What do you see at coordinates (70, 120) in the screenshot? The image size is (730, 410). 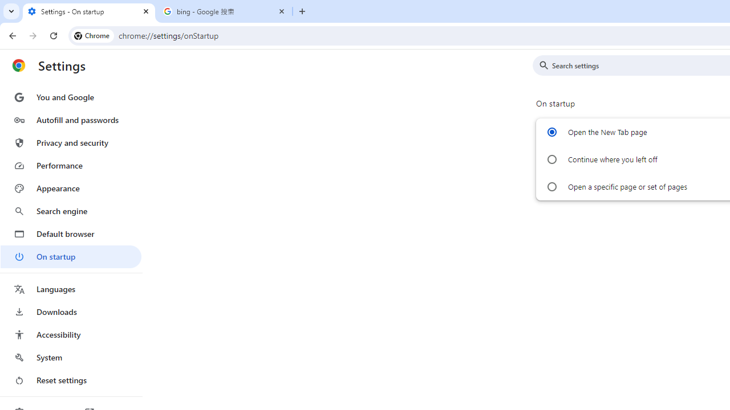 I see `'Autofill and passwords'` at bounding box center [70, 120].